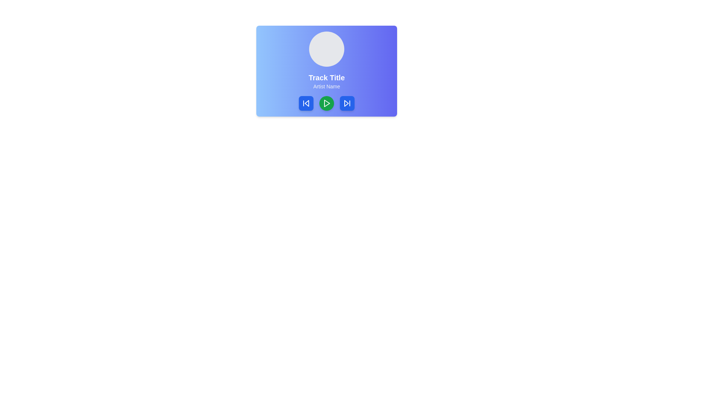  What do you see at coordinates (306, 103) in the screenshot?
I see `the backward skip button` at bounding box center [306, 103].